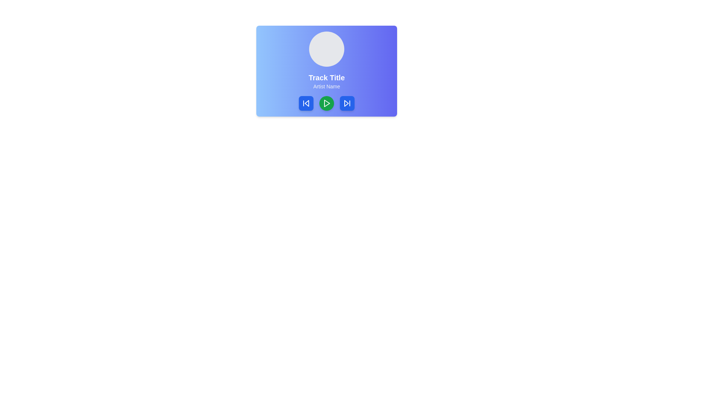  What do you see at coordinates (306, 103) in the screenshot?
I see `the backward skip button` at bounding box center [306, 103].